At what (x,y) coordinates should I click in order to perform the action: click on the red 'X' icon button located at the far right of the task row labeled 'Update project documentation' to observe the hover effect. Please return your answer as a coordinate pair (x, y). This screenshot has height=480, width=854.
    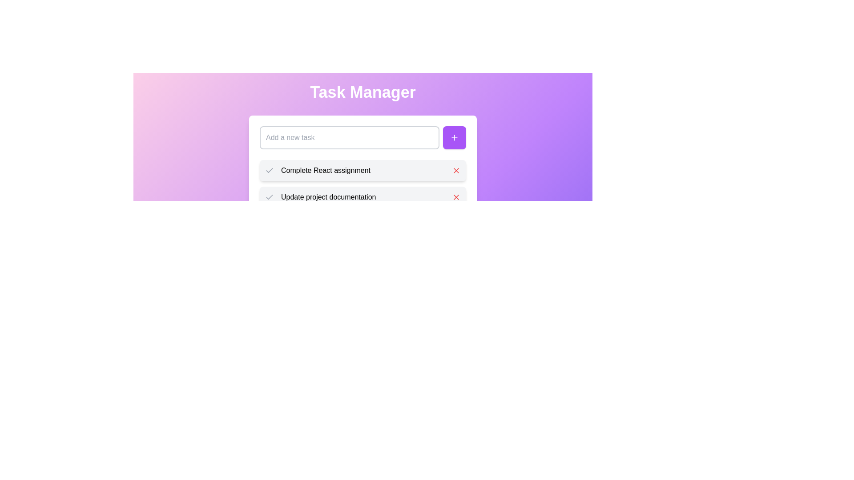
    Looking at the image, I should click on (456, 196).